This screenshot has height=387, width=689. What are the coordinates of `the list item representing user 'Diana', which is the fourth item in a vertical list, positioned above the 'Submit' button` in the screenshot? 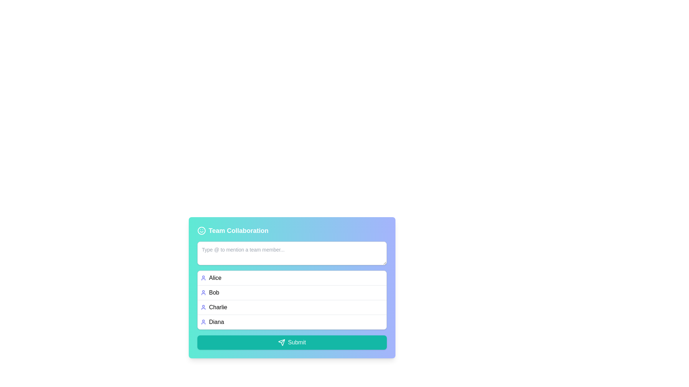 It's located at (292, 321).